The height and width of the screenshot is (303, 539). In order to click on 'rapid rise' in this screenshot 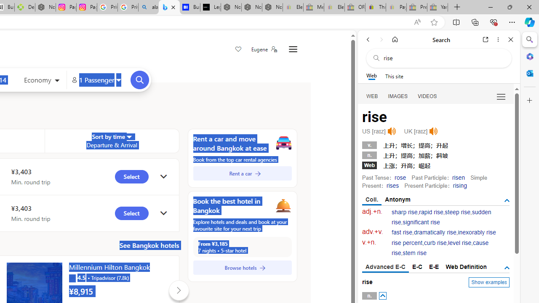, I will do `click(431, 212)`.